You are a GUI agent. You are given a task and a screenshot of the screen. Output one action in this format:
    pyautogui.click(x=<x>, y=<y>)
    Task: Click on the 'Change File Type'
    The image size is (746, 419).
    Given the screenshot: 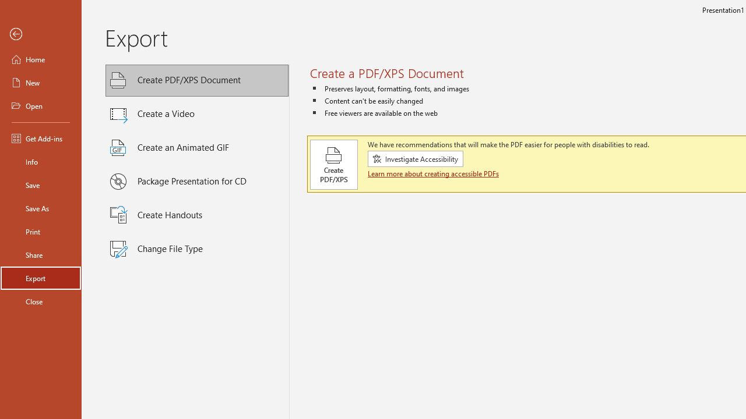 What is the action you would take?
    pyautogui.click(x=197, y=248)
    